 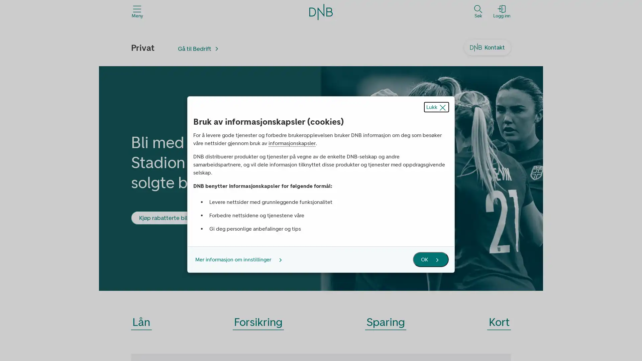 I want to click on Mer informasjon om innstillinger, so click(x=236, y=259).